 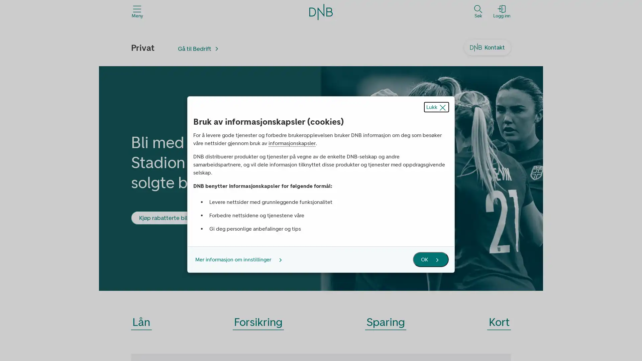 I want to click on Mer informasjon om innstillinger, so click(x=236, y=259).